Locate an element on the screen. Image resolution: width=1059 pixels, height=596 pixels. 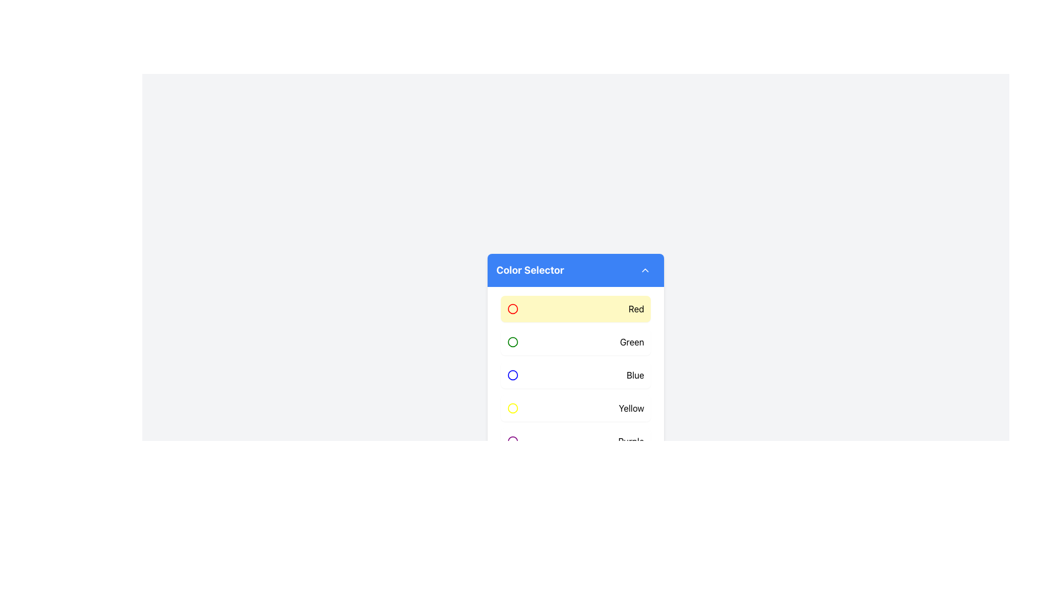
the fourth list item labeled 'Yellow' is located at coordinates (575, 408).